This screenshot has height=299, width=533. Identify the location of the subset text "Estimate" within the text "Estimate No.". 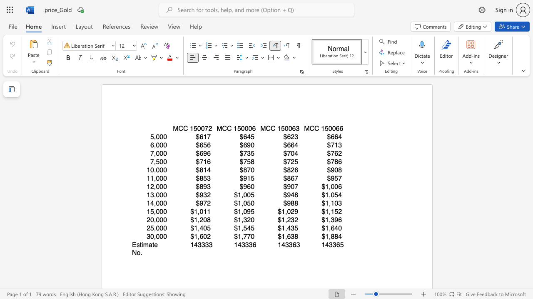
(132, 244).